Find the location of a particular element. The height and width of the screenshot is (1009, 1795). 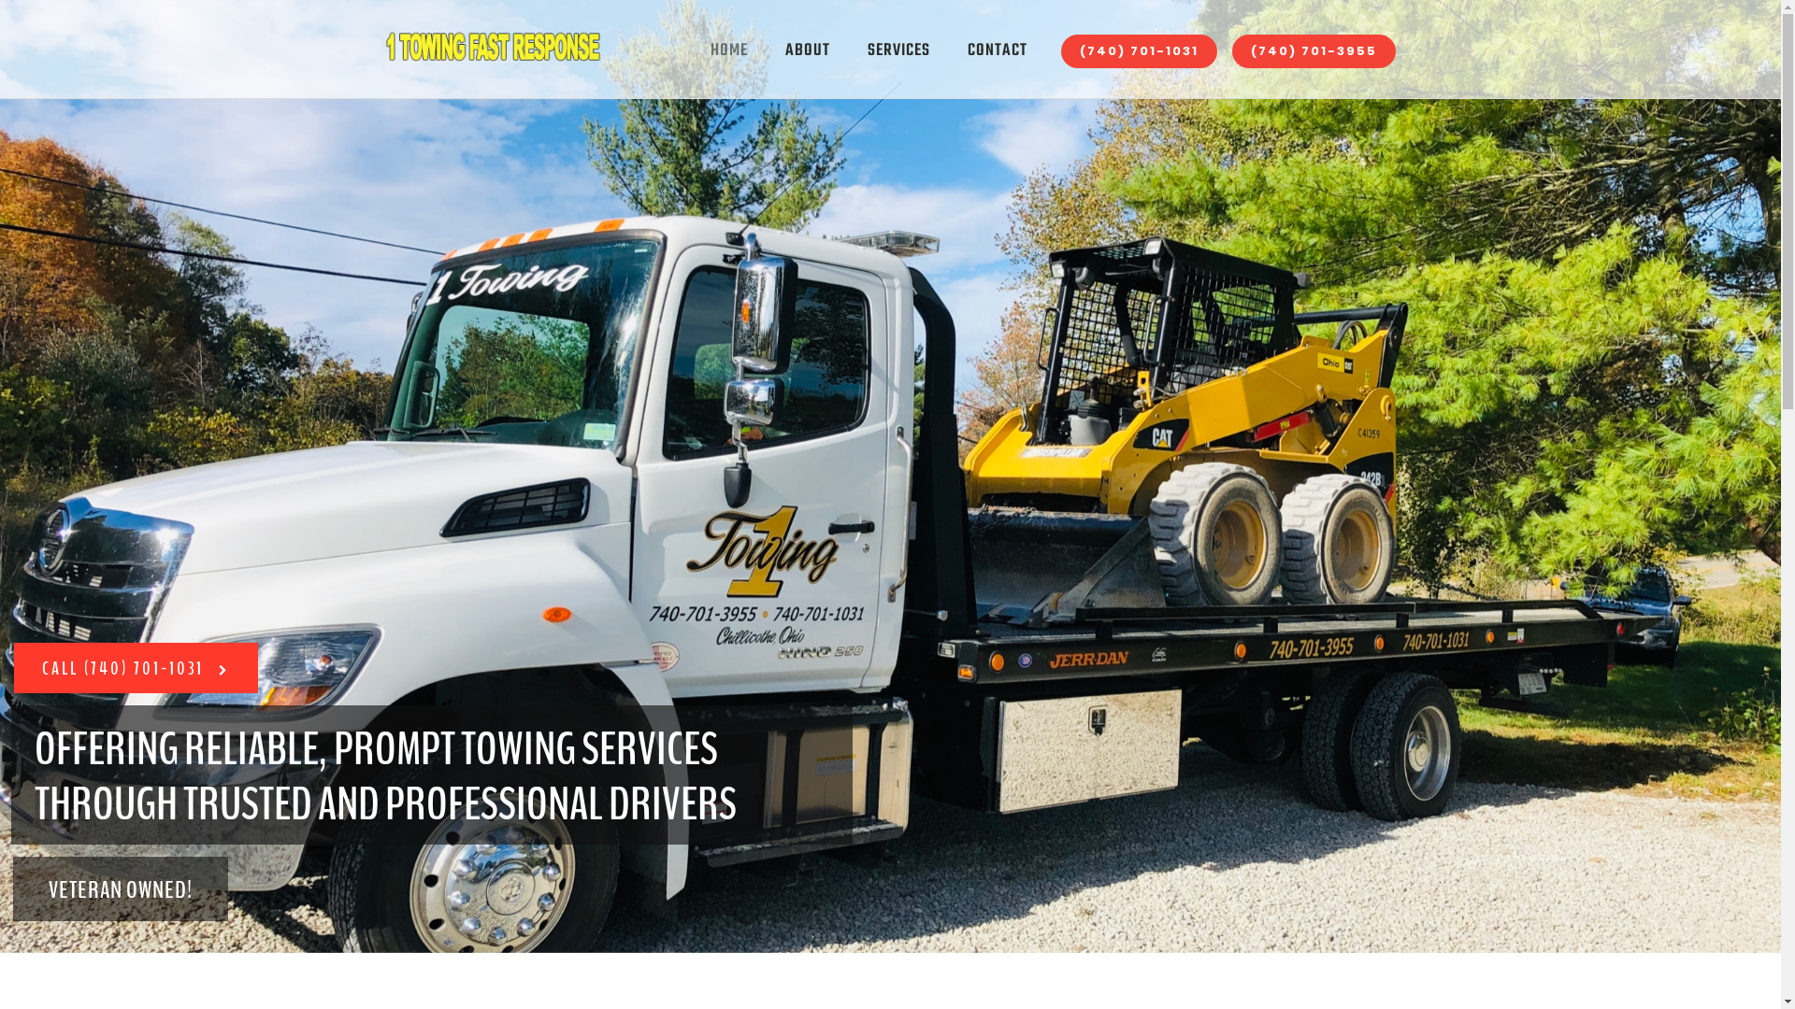

'CALL (740) 701-1031' is located at coordinates (13, 666).